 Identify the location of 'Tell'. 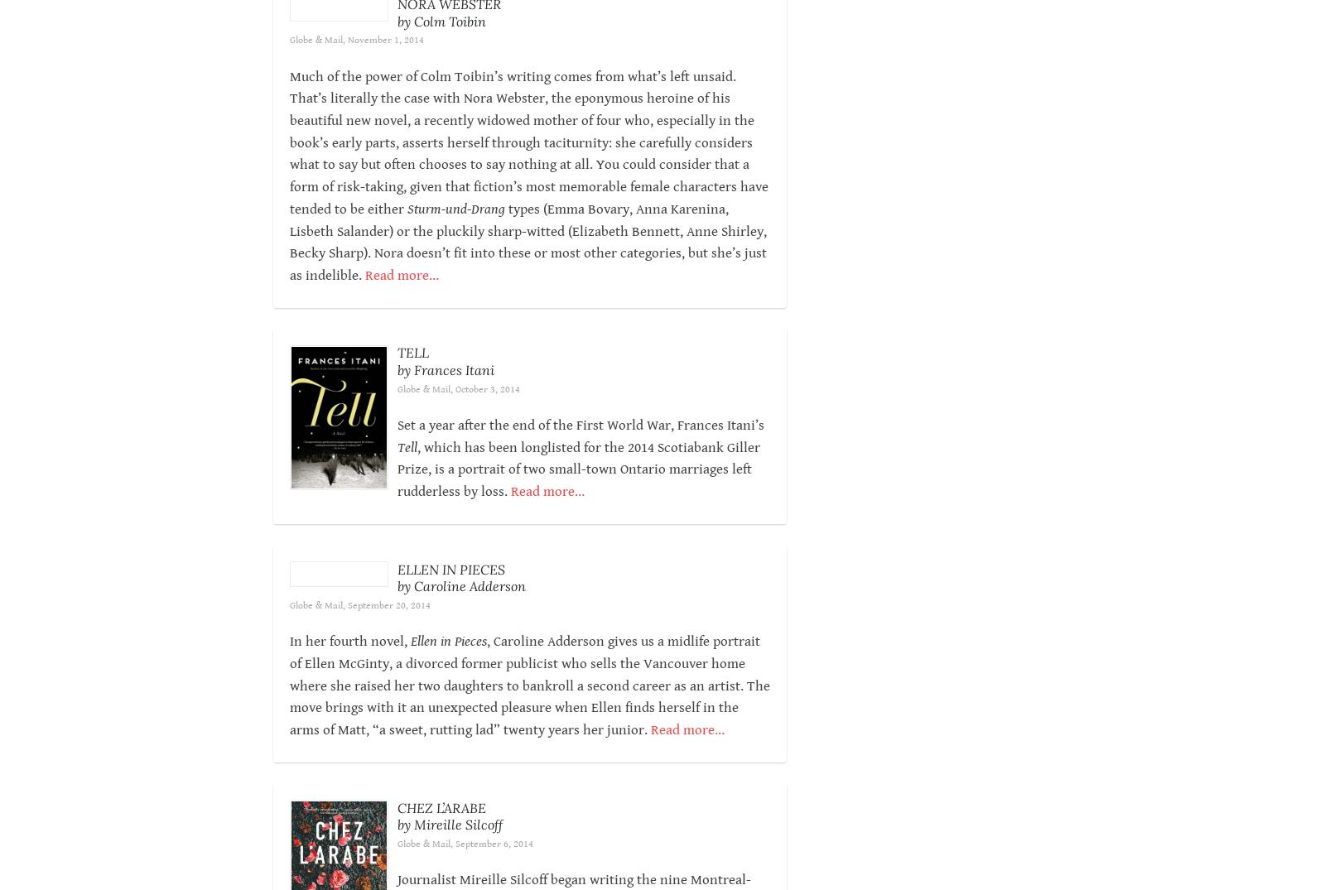
(406, 469).